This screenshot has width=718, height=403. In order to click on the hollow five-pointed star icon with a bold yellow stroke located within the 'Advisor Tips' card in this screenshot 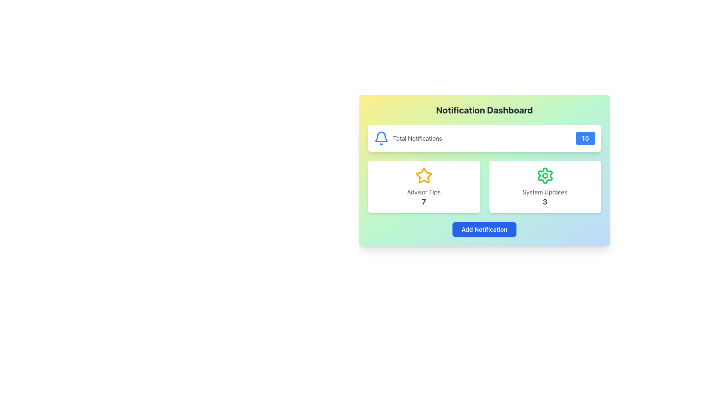, I will do `click(424, 175)`.